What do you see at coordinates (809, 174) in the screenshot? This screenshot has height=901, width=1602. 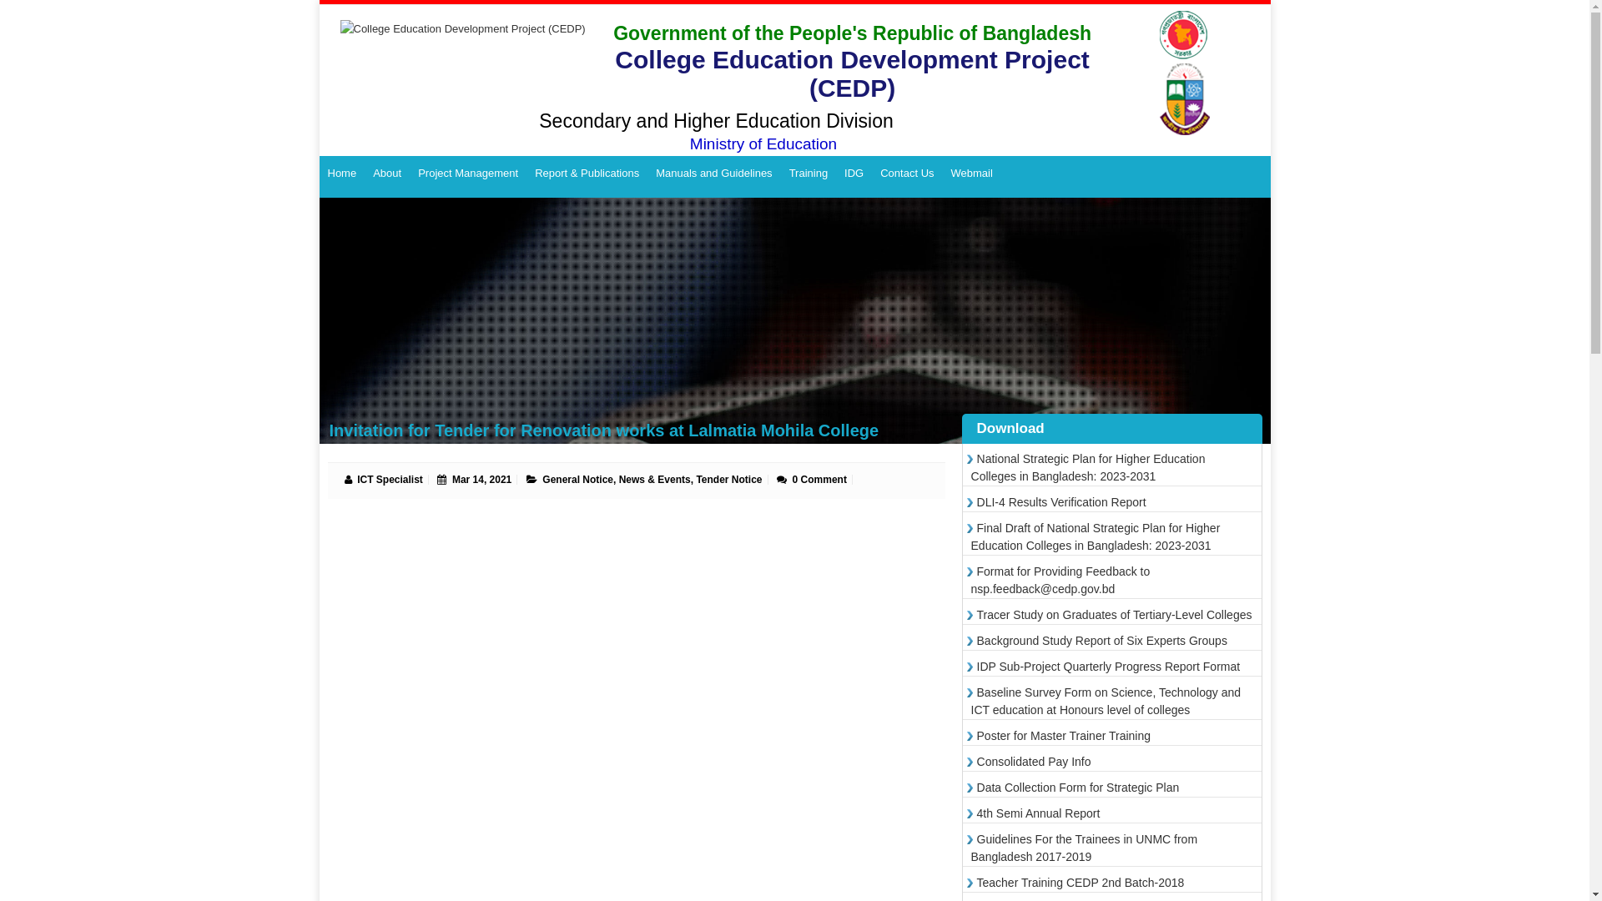 I see `'Training'` at bounding box center [809, 174].